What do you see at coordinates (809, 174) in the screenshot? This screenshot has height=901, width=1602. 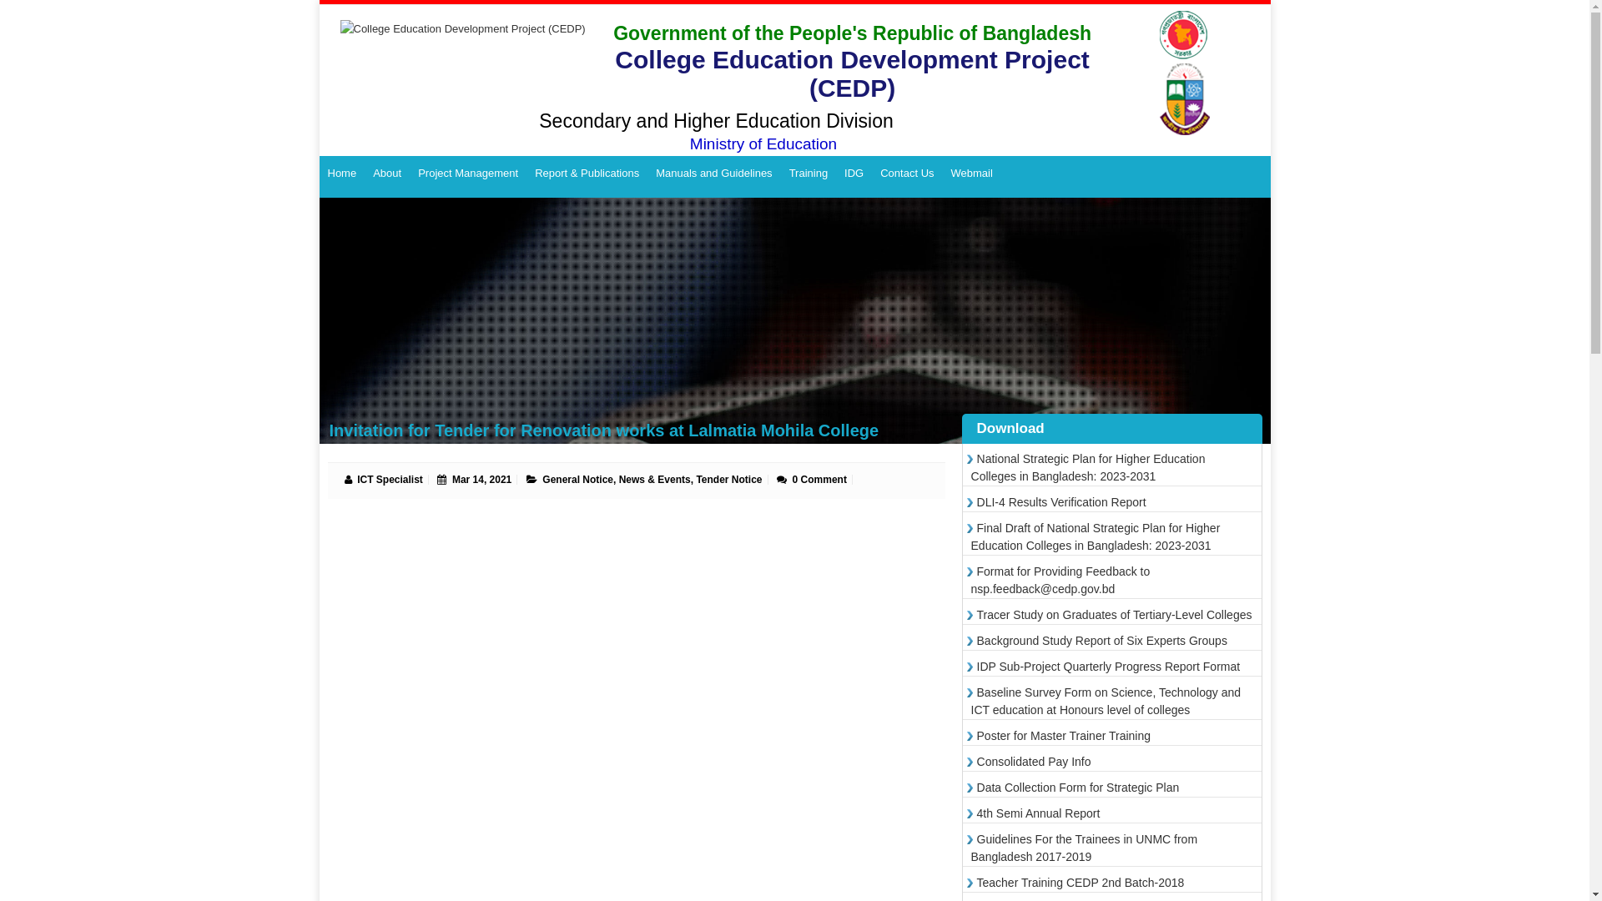 I see `'Training'` at bounding box center [809, 174].